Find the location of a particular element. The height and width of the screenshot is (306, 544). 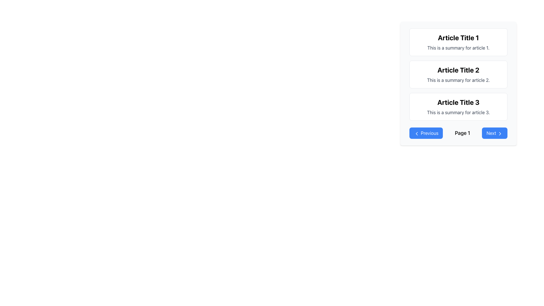

the right-pointing chevron icon within the blue 'Next' button is located at coordinates (500, 133).